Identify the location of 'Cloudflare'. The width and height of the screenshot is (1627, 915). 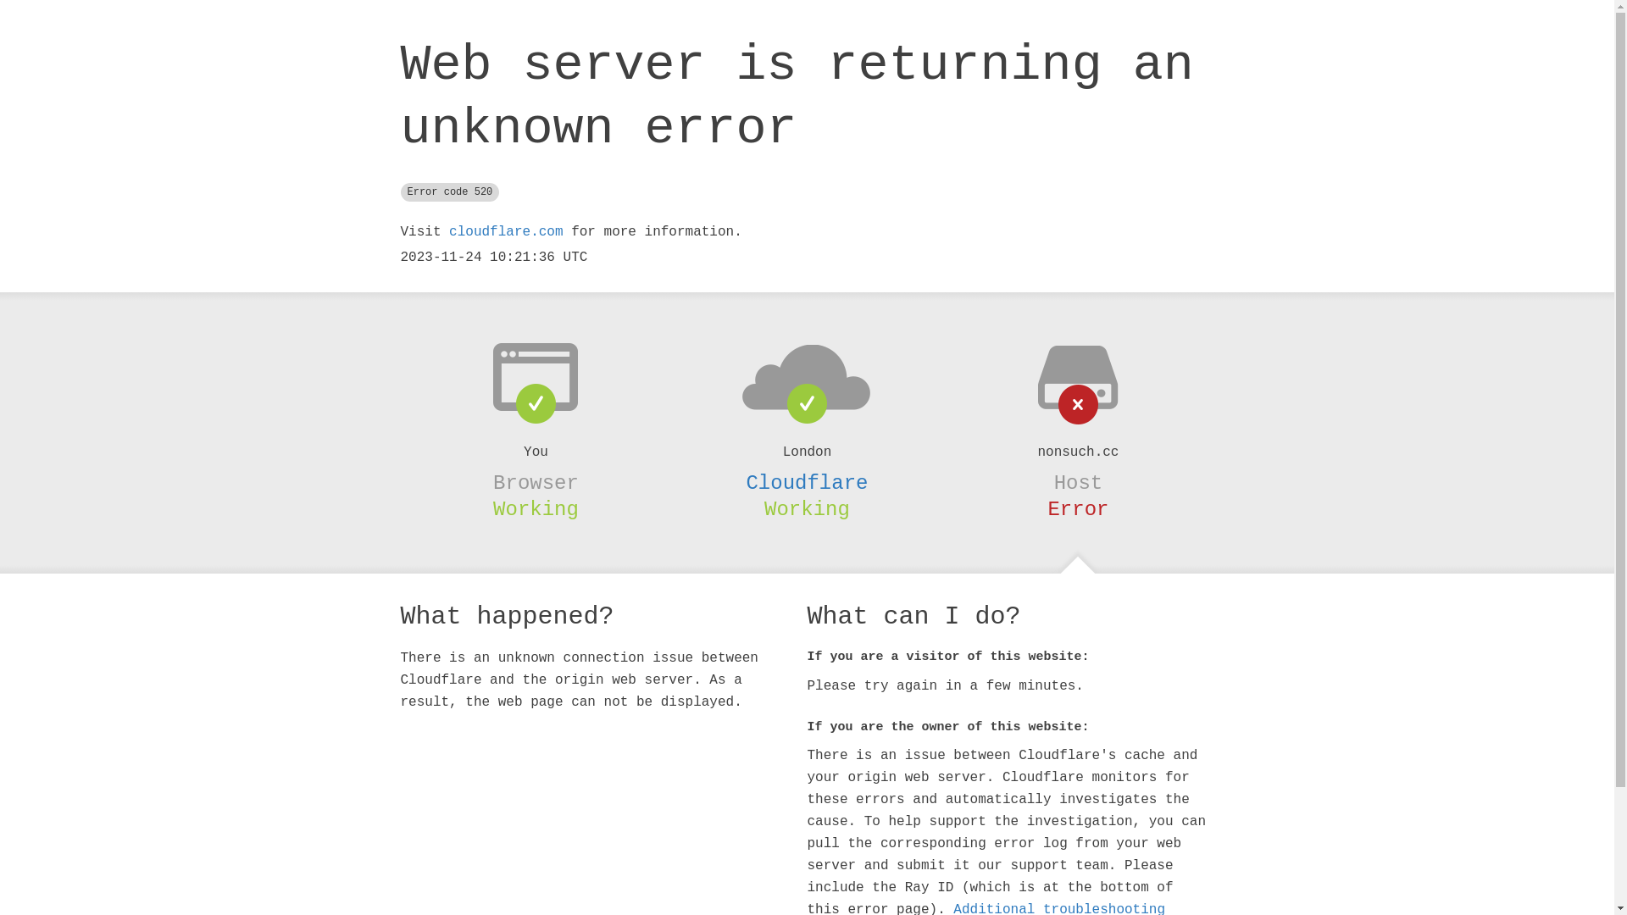
(805, 483).